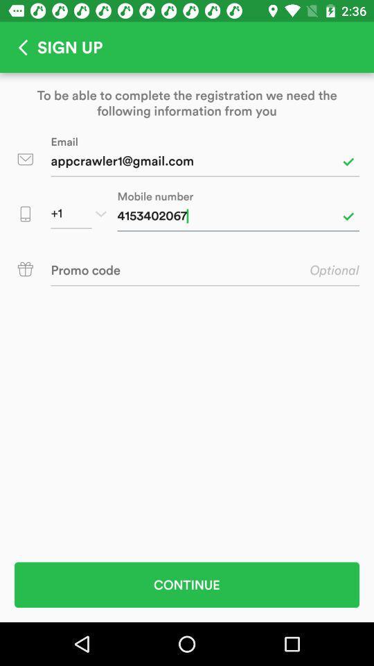  Describe the element at coordinates (18, 47) in the screenshot. I see `go back` at that location.